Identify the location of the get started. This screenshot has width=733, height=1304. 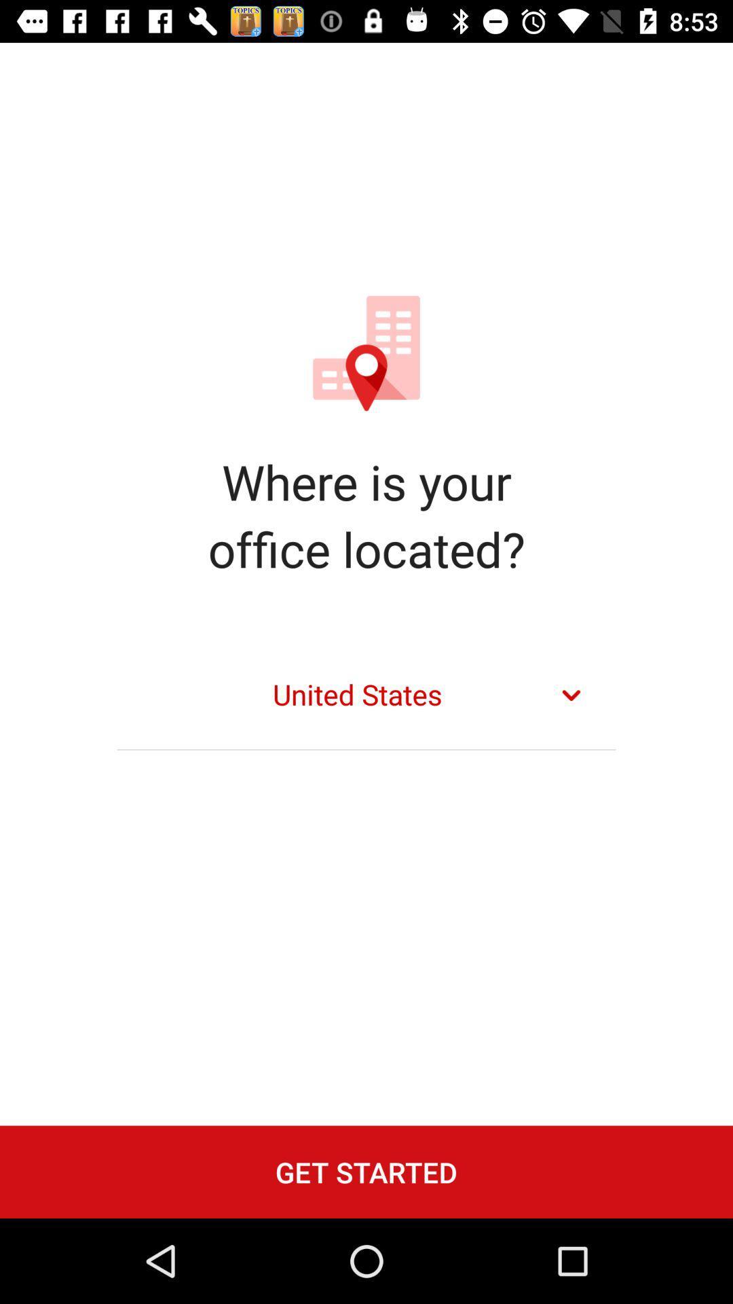
(366, 1171).